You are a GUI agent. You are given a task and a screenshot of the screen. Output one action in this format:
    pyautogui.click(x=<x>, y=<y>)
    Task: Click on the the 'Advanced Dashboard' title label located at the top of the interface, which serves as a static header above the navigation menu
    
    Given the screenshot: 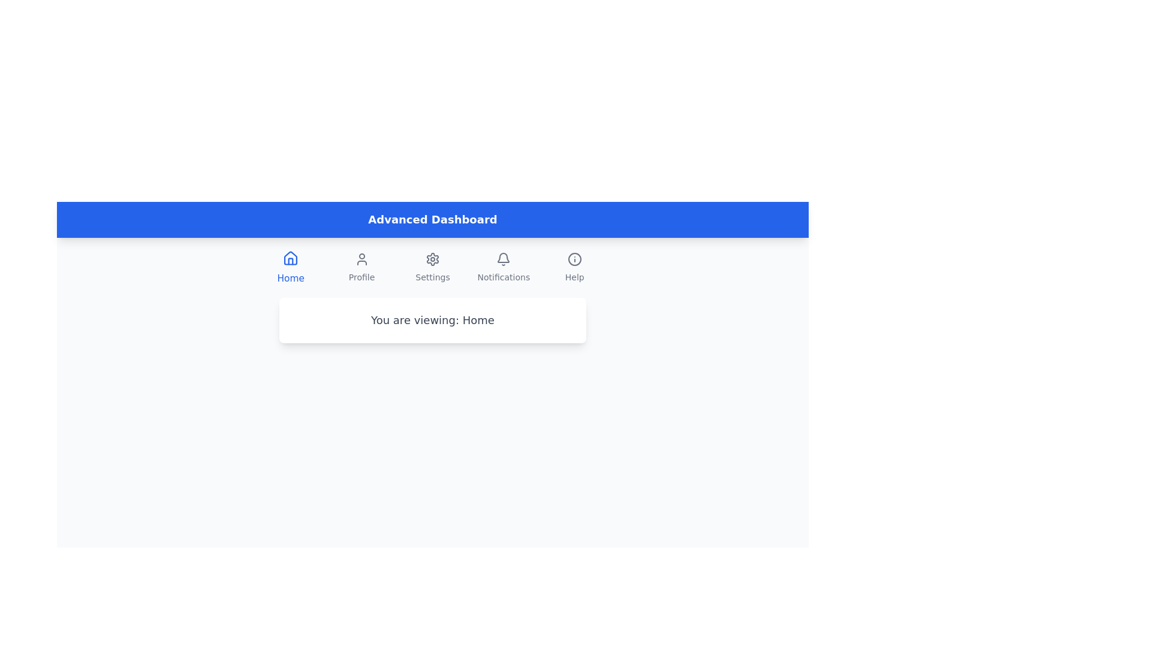 What is the action you would take?
    pyautogui.click(x=432, y=219)
    